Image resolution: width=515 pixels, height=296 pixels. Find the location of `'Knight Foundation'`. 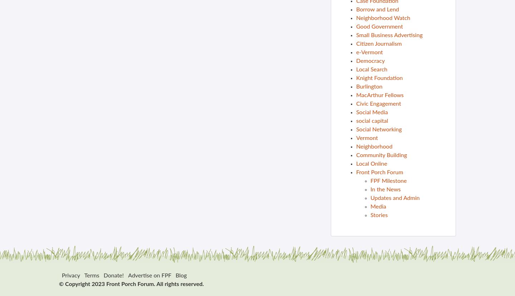

'Knight Foundation' is located at coordinates (379, 77).